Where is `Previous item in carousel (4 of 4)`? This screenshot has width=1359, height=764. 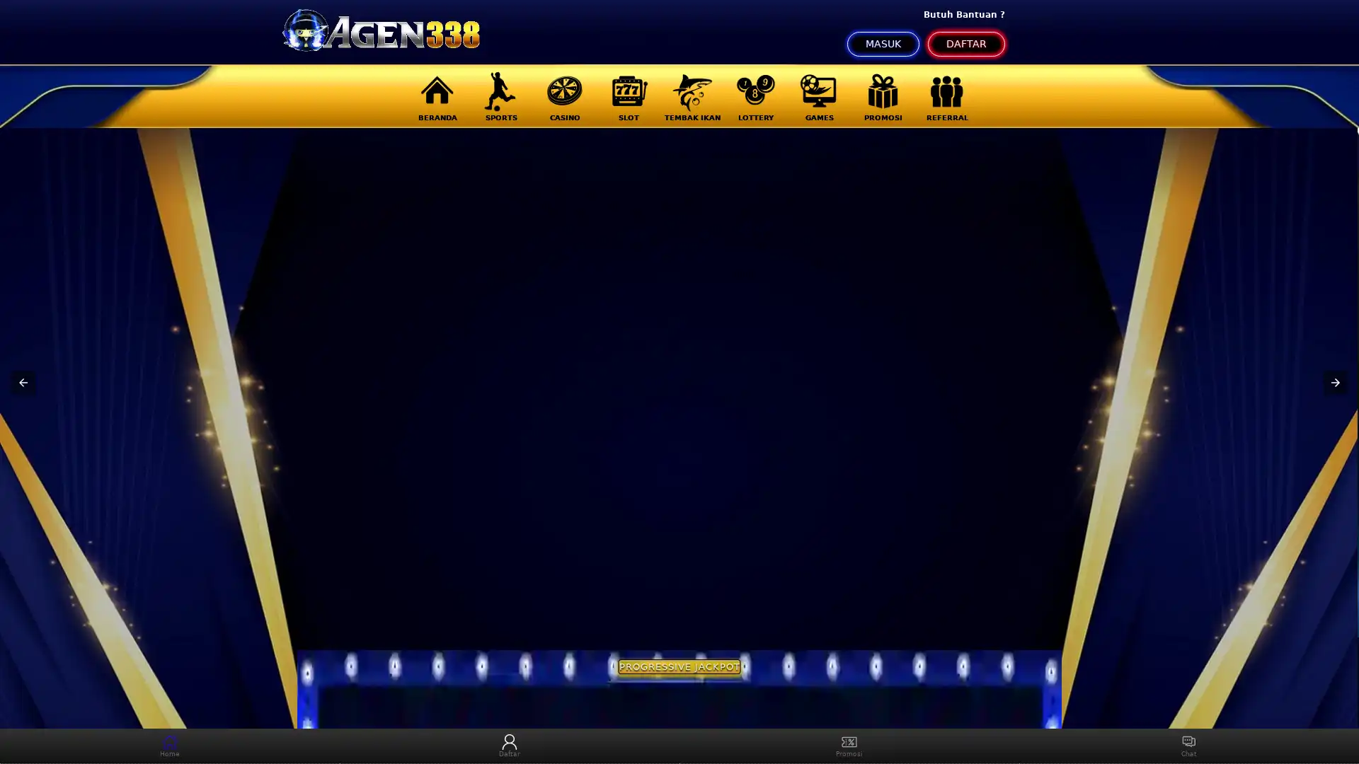 Previous item in carousel (4 of 4) is located at coordinates (23, 382).